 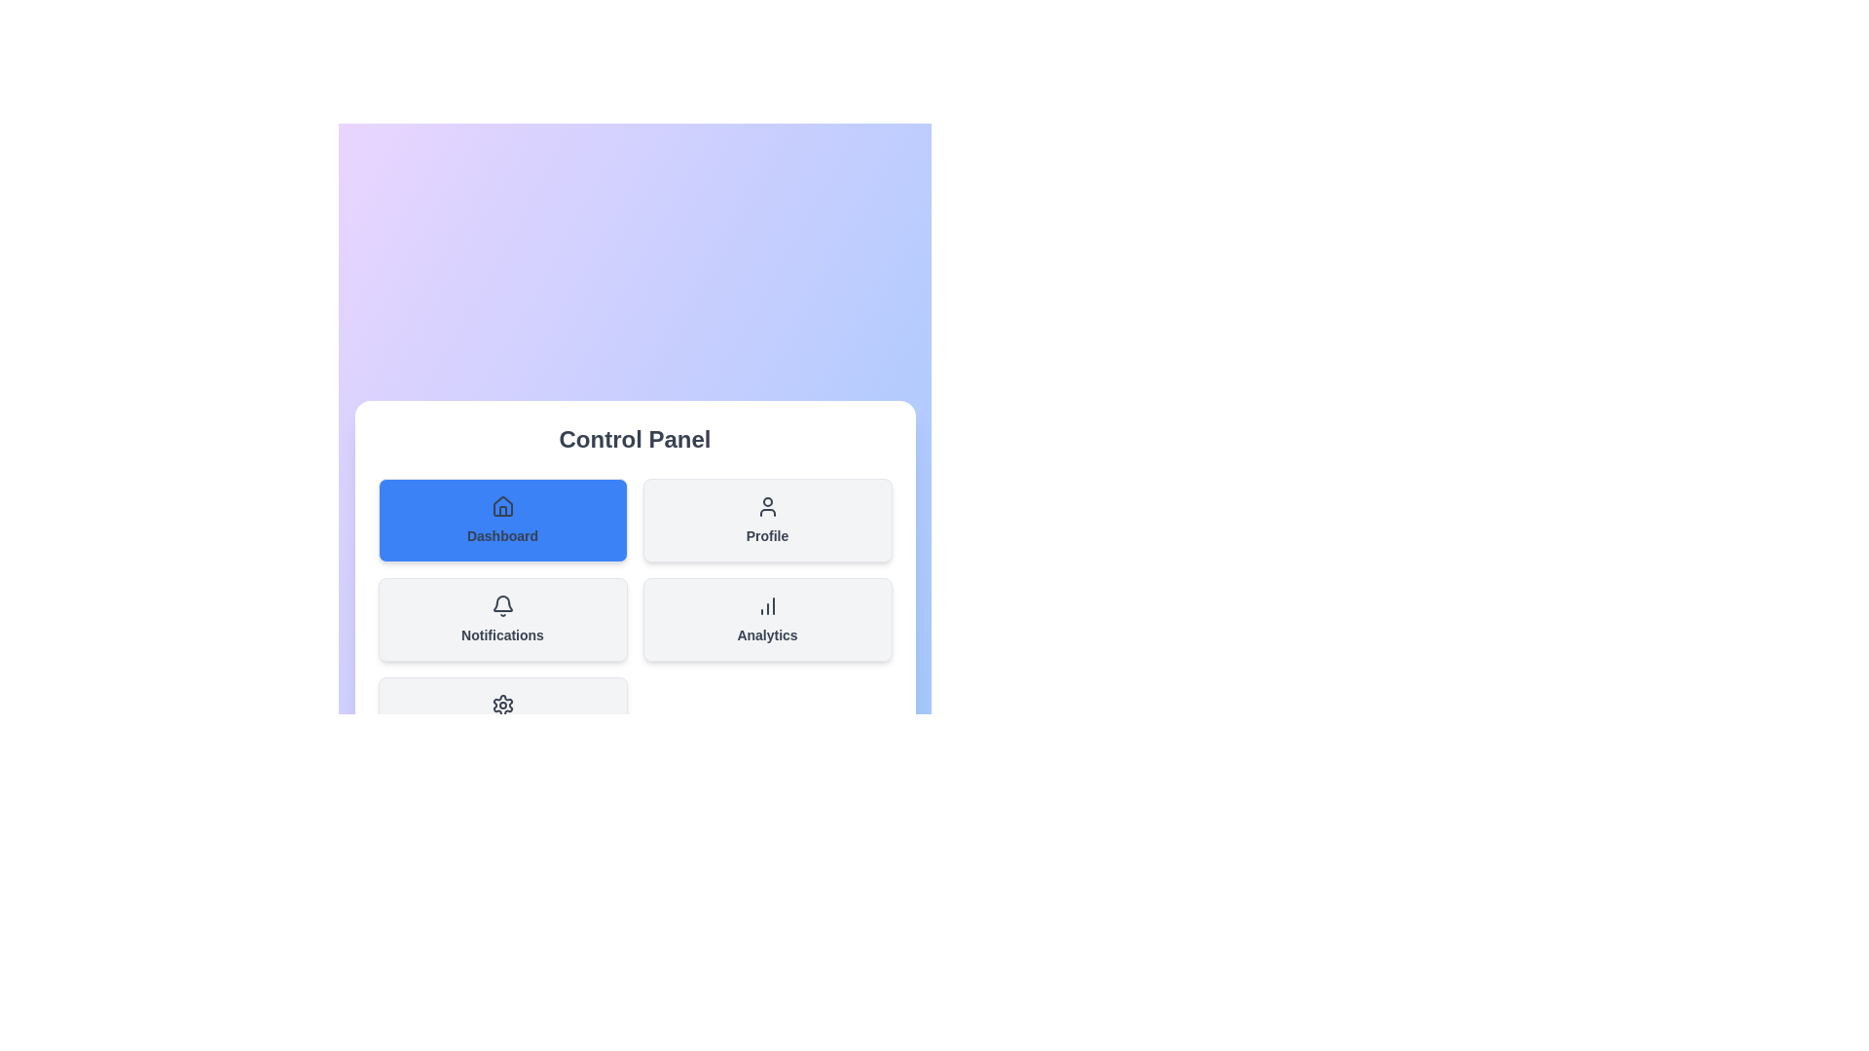 I want to click on the section Profile from the menu by clicking its corresponding button, so click(x=766, y=520).